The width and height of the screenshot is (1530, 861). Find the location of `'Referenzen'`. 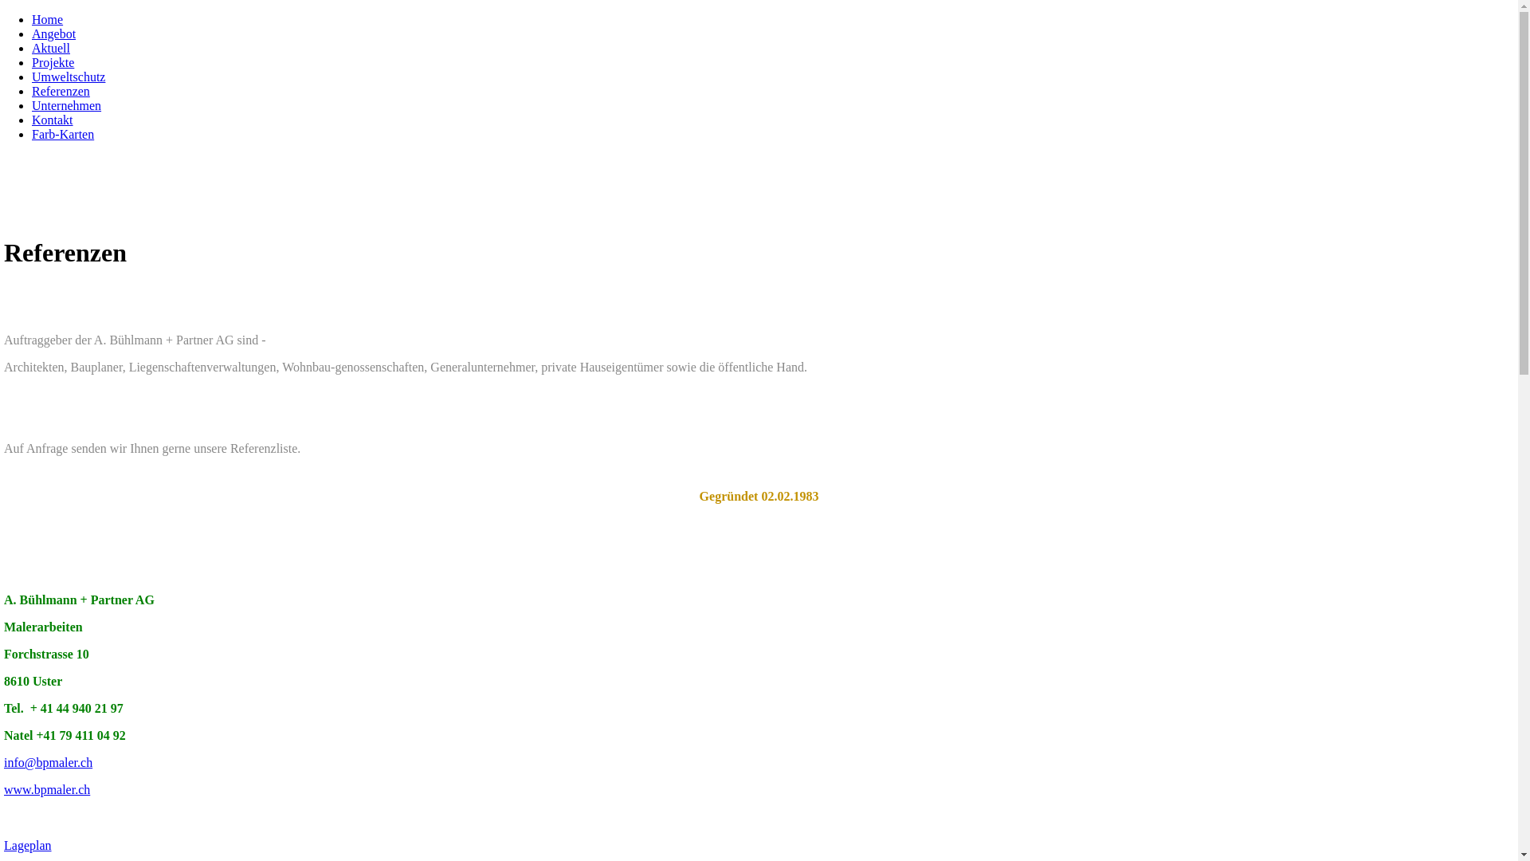

'Referenzen' is located at coordinates (61, 91).